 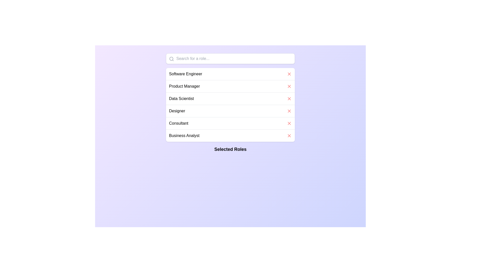 I want to click on text label that displays 'Data Scientist', which is located as the third entry in a vertical list of roles on a white card at the center of the page, so click(x=181, y=99).